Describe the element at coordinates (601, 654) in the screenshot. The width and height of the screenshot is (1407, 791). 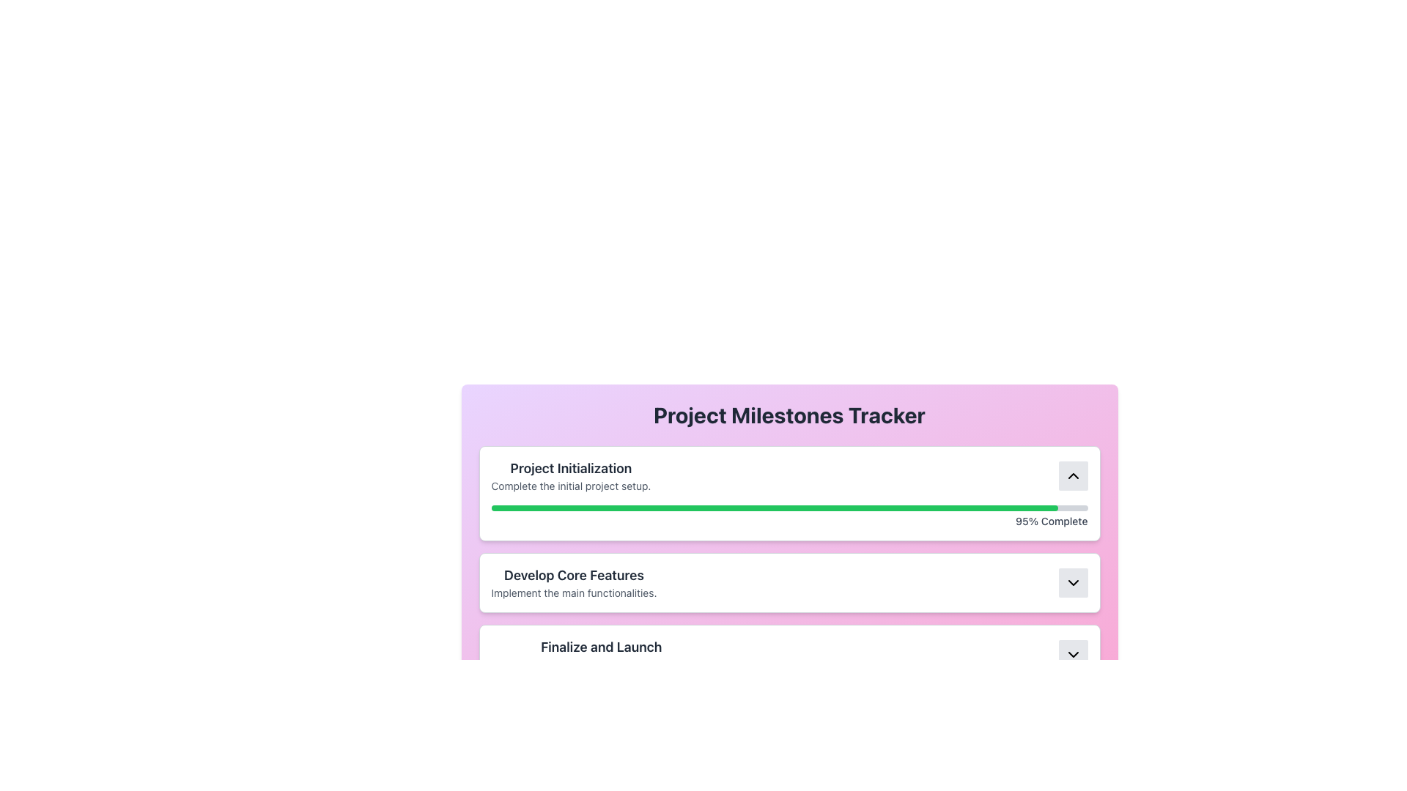
I see `the Combined heading and description text block located at the bottom of the project tasks list, directly below the 'Develop Core Features' section` at that location.